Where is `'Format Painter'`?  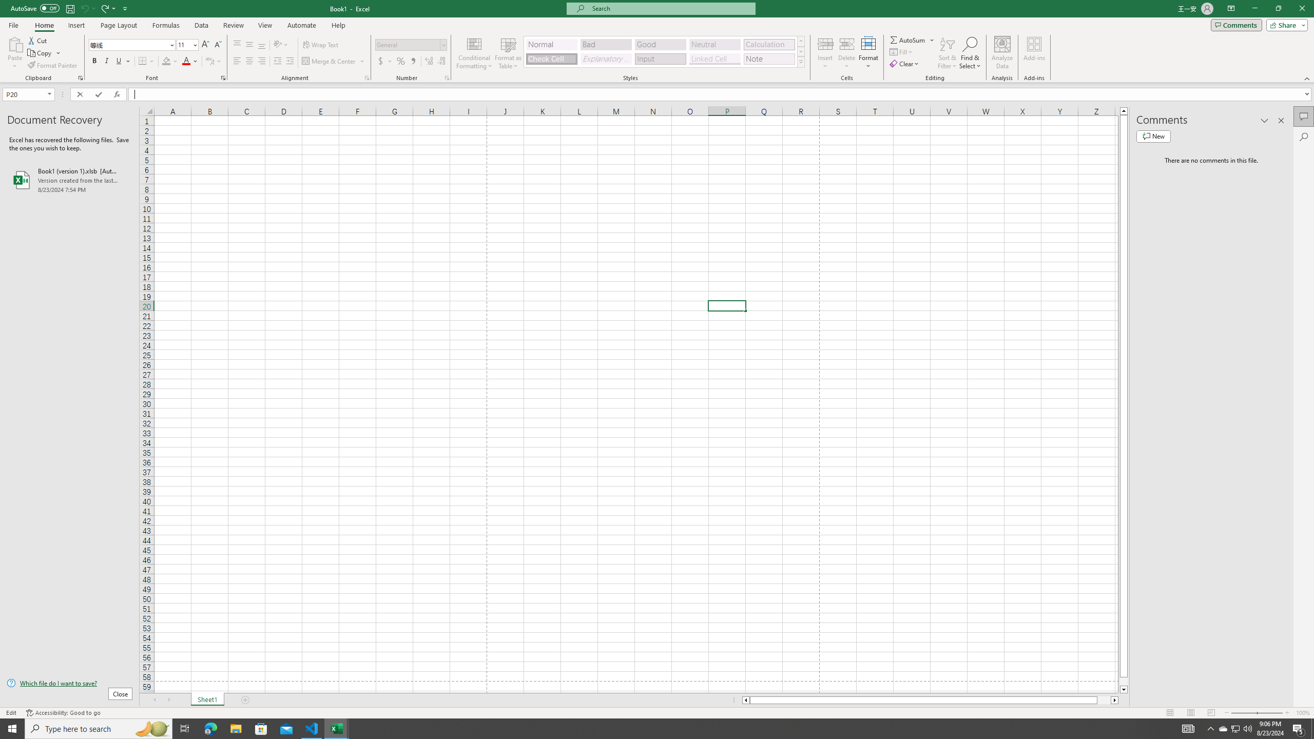 'Format Painter' is located at coordinates (52, 65).